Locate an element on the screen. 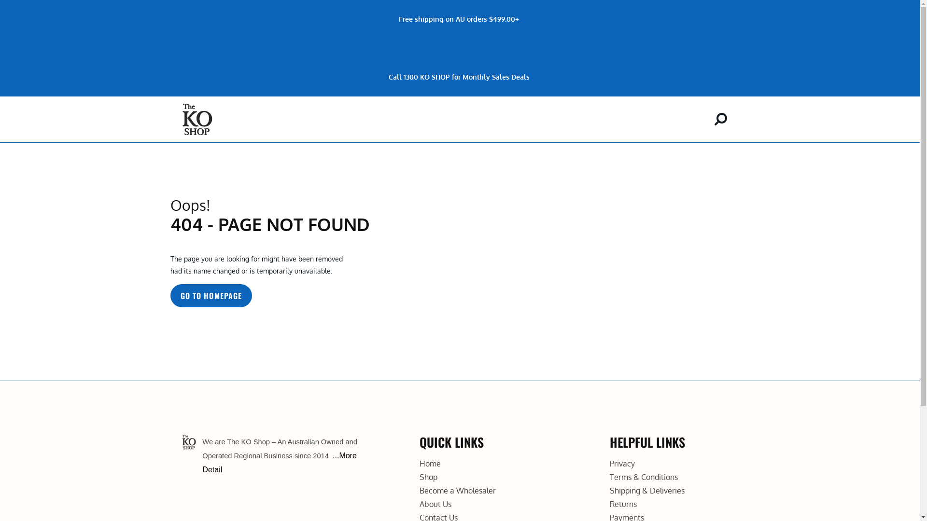 Image resolution: width=927 pixels, height=521 pixels. 'Shop' is located at coordinates (428, 476).